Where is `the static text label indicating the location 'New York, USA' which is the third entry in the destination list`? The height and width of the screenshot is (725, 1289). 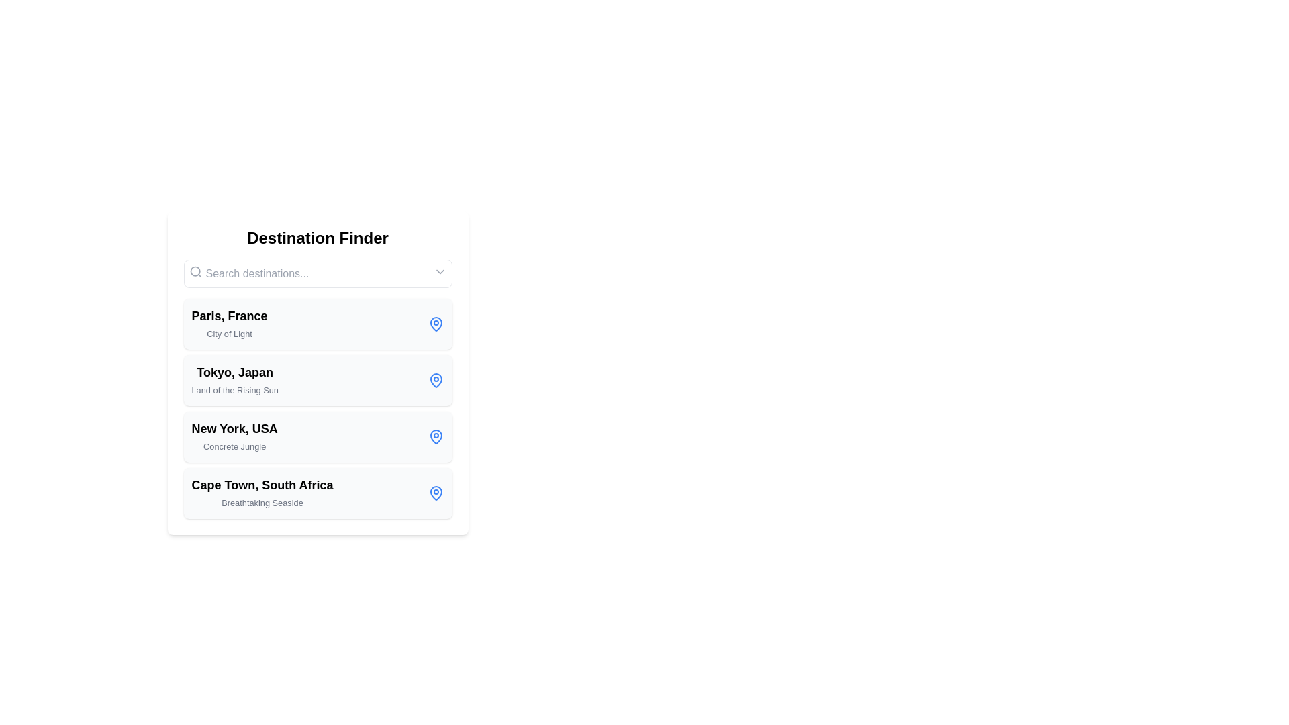
the static text label indicating the location 'New York, USA' which is the third entry in the destination list is located at coordinates (234, 429).